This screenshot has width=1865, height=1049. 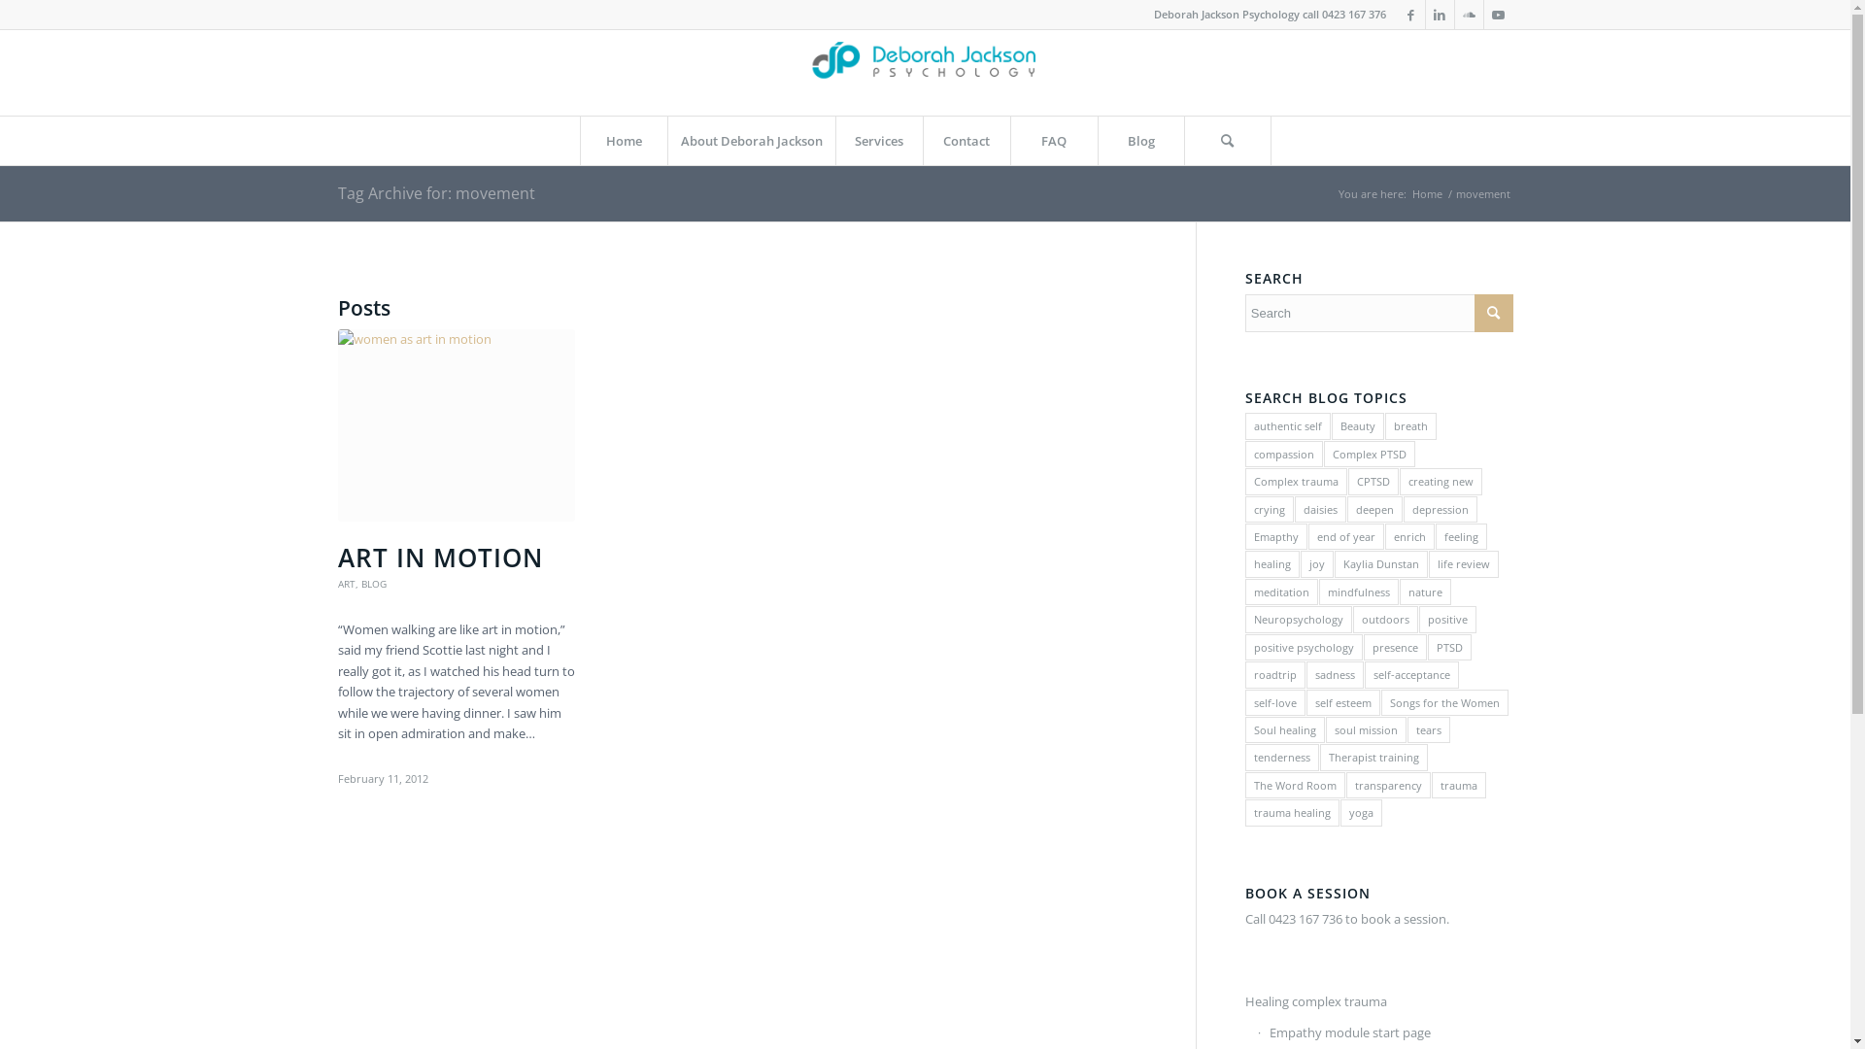 I want to click on 'healing', so click(x=1272, y=563).